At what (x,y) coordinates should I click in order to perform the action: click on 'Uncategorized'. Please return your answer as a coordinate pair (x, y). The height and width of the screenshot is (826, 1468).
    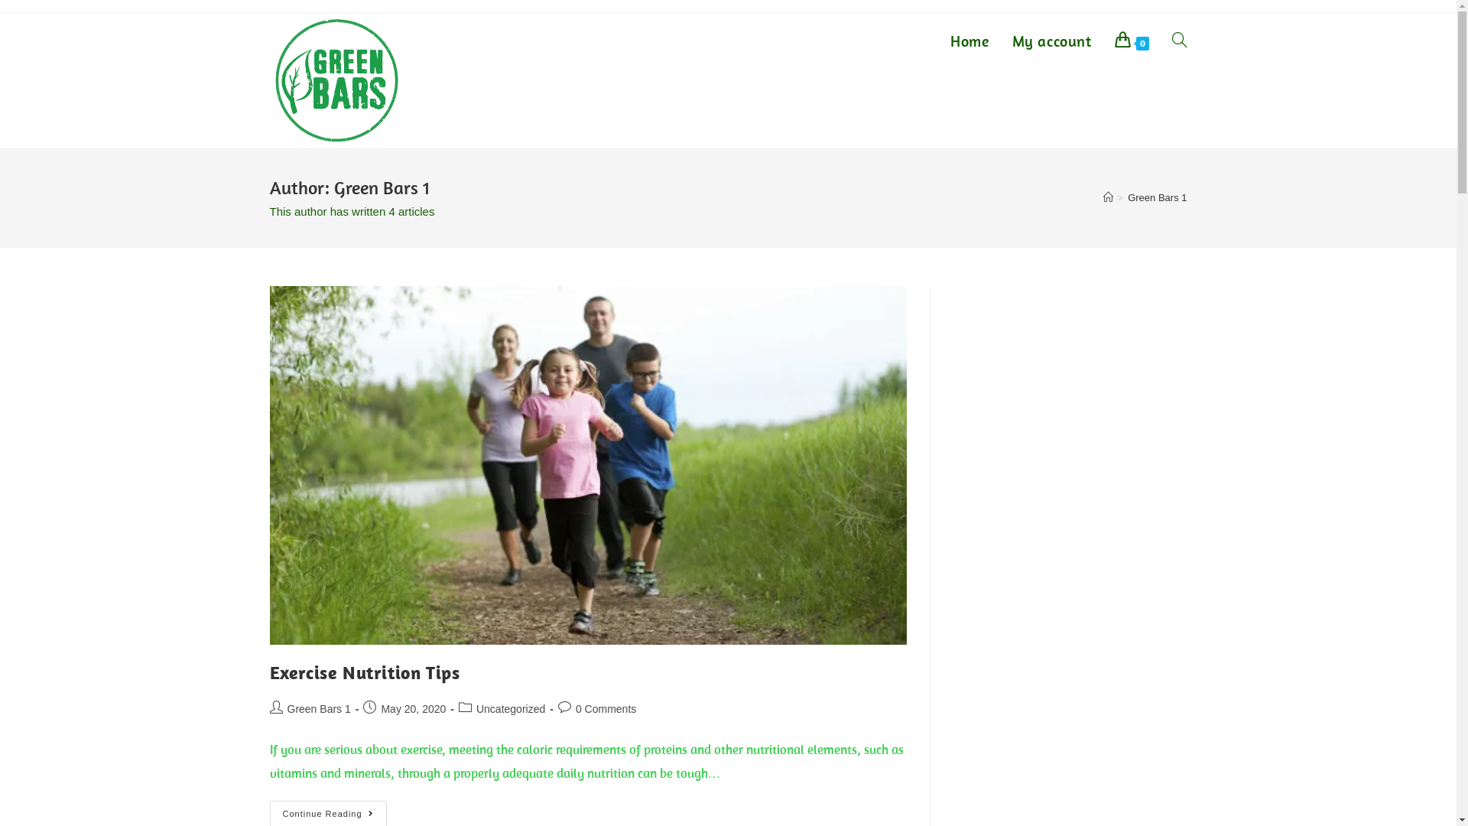
    Looking at the image, I should click on (510, 708).